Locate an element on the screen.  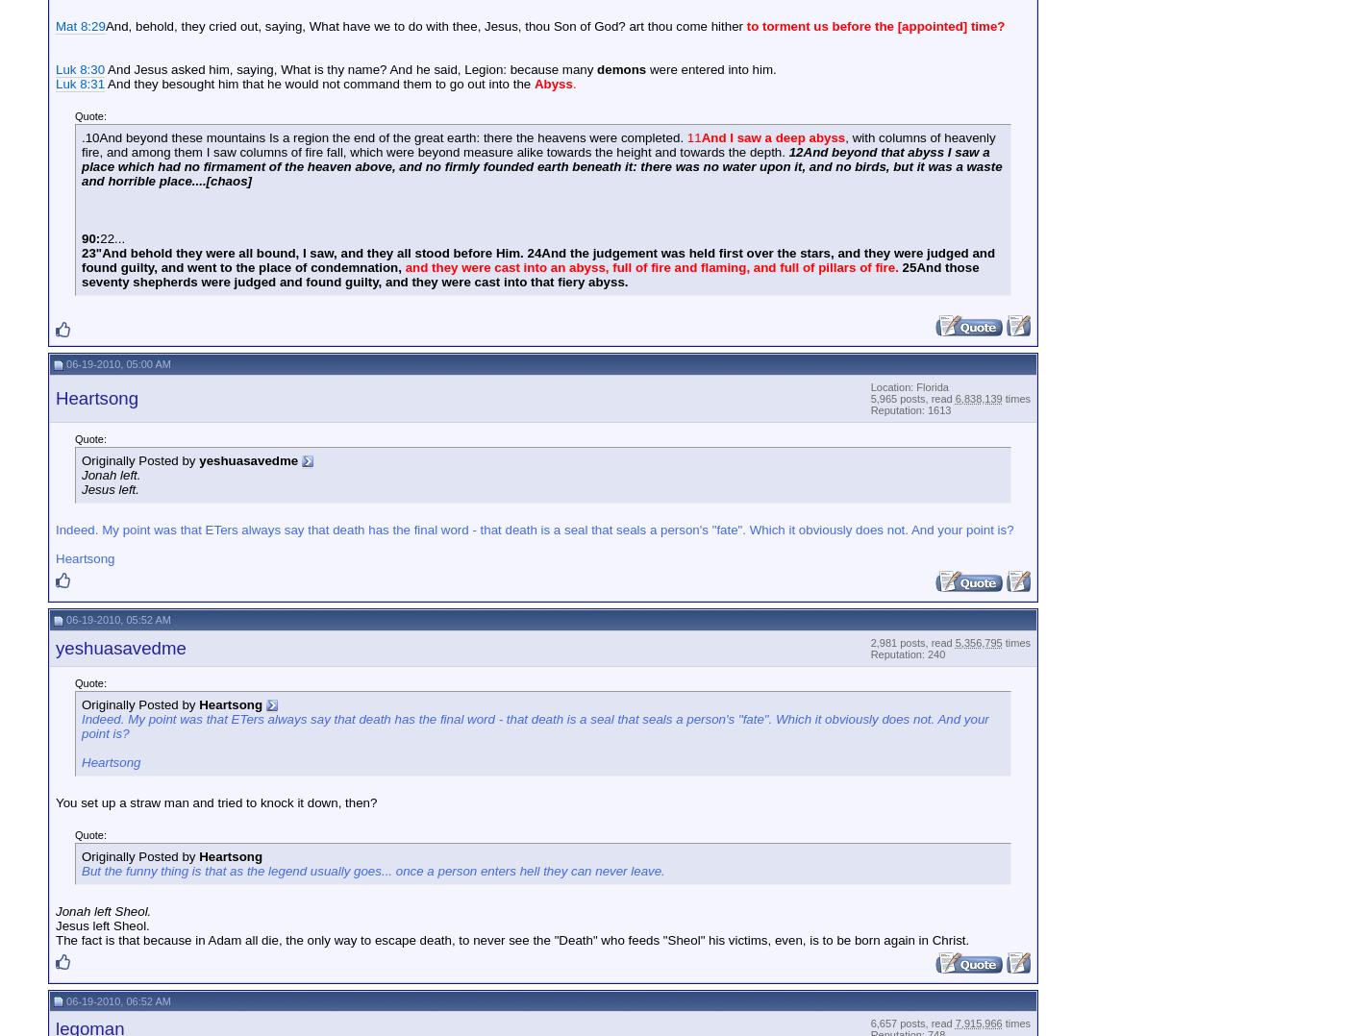
'And I saw a deep abyss' is located at coordinates (773, 137).